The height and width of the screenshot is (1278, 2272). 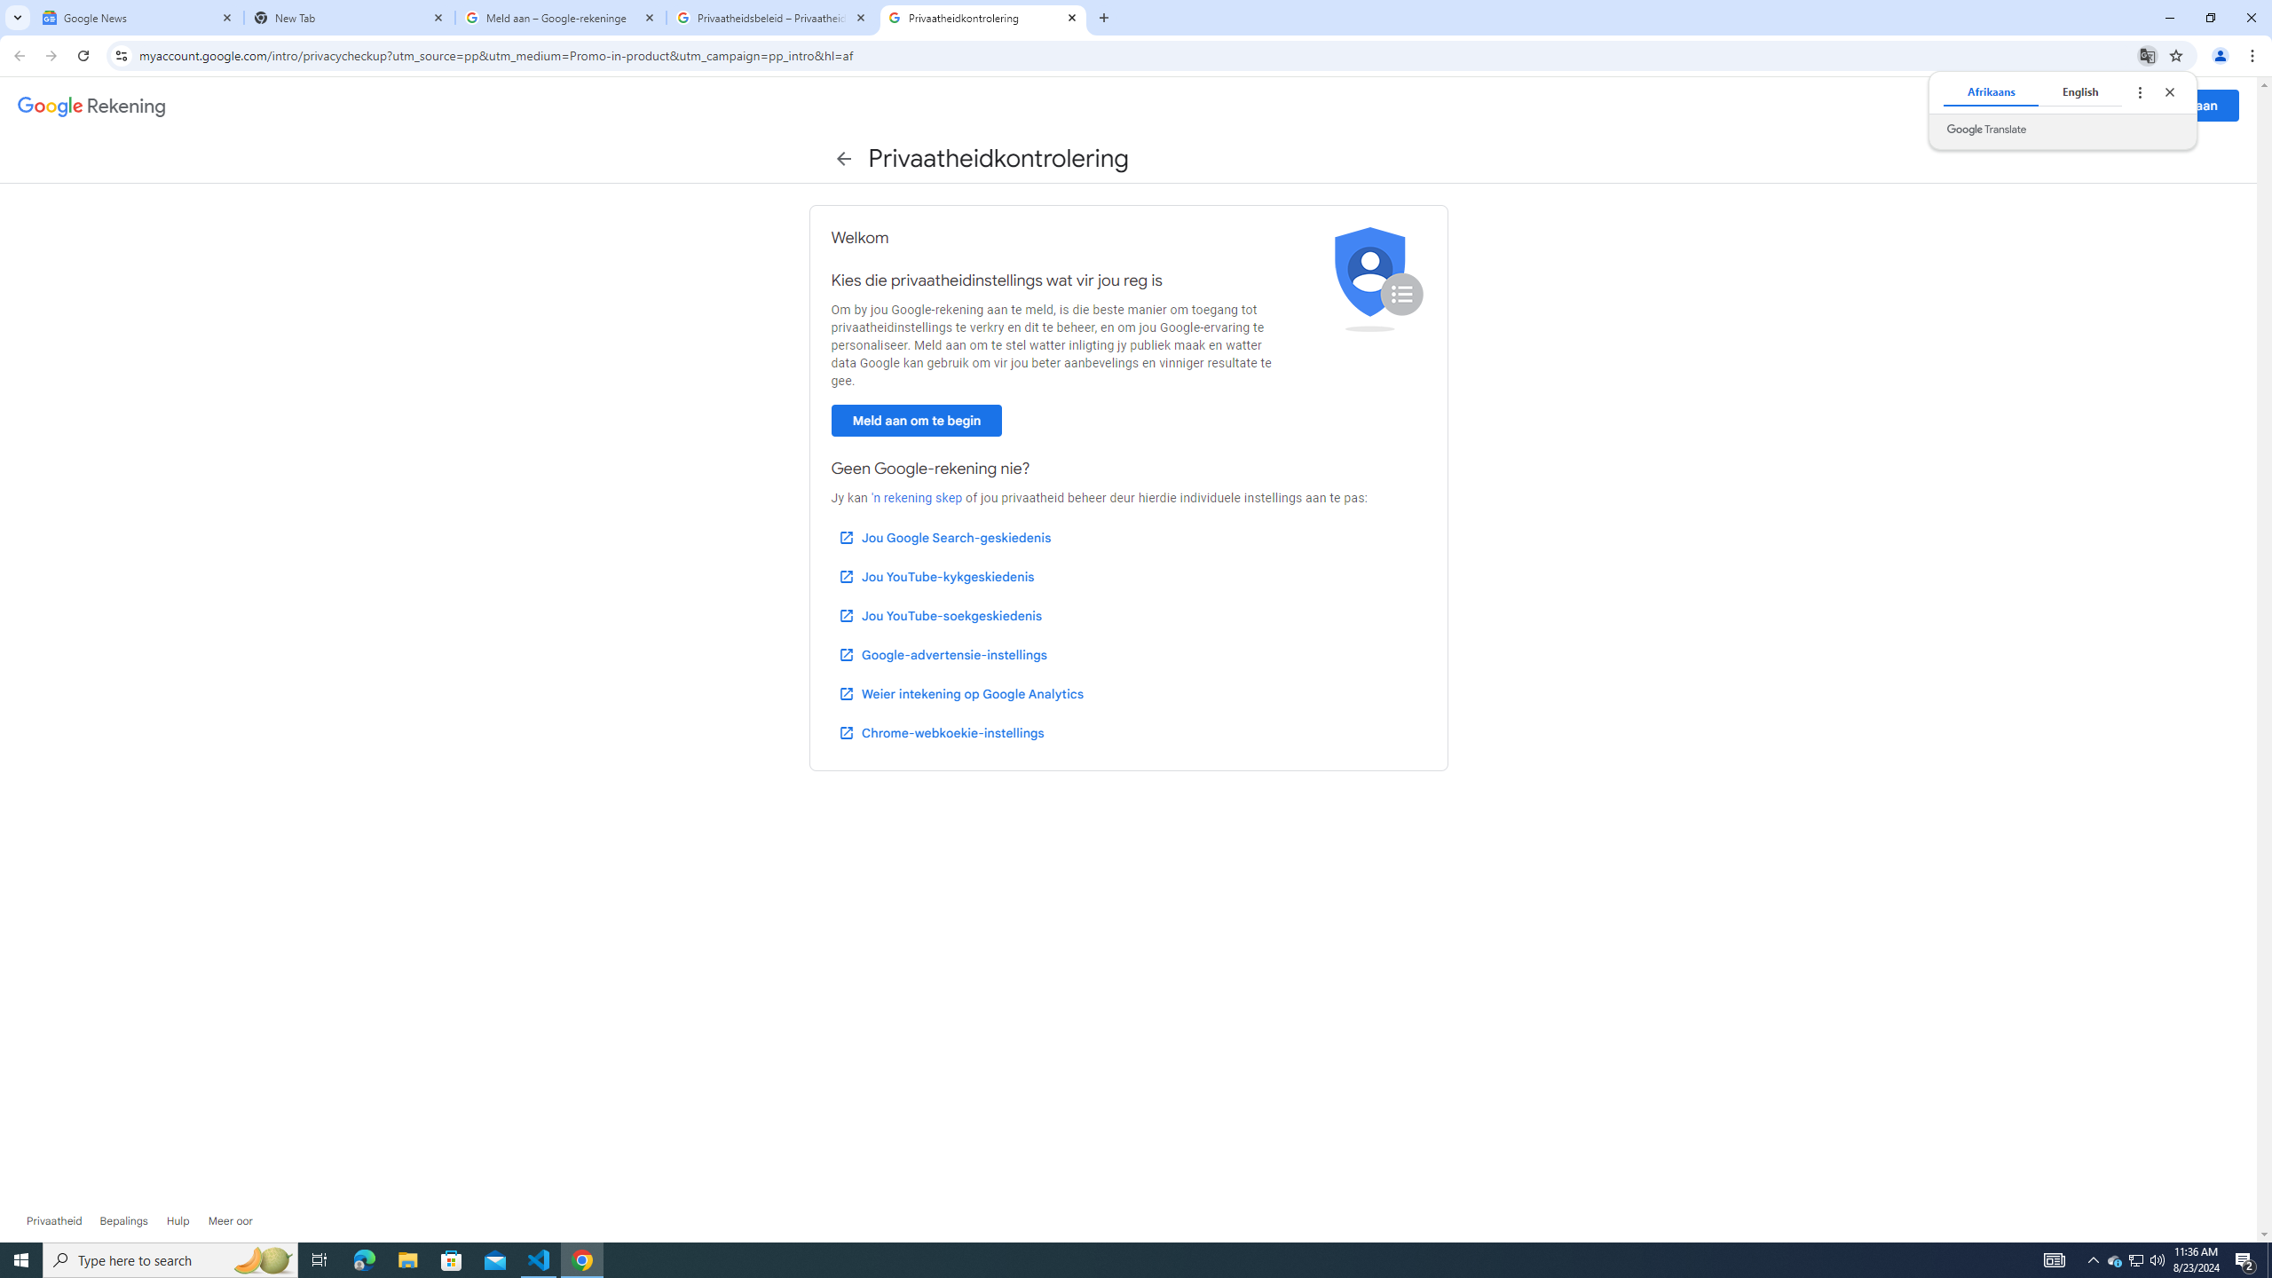 What do you see at coordinates (2189, 105) in the screenshot?
I see `'Meld aan'` at bounding box center [2189, 105].